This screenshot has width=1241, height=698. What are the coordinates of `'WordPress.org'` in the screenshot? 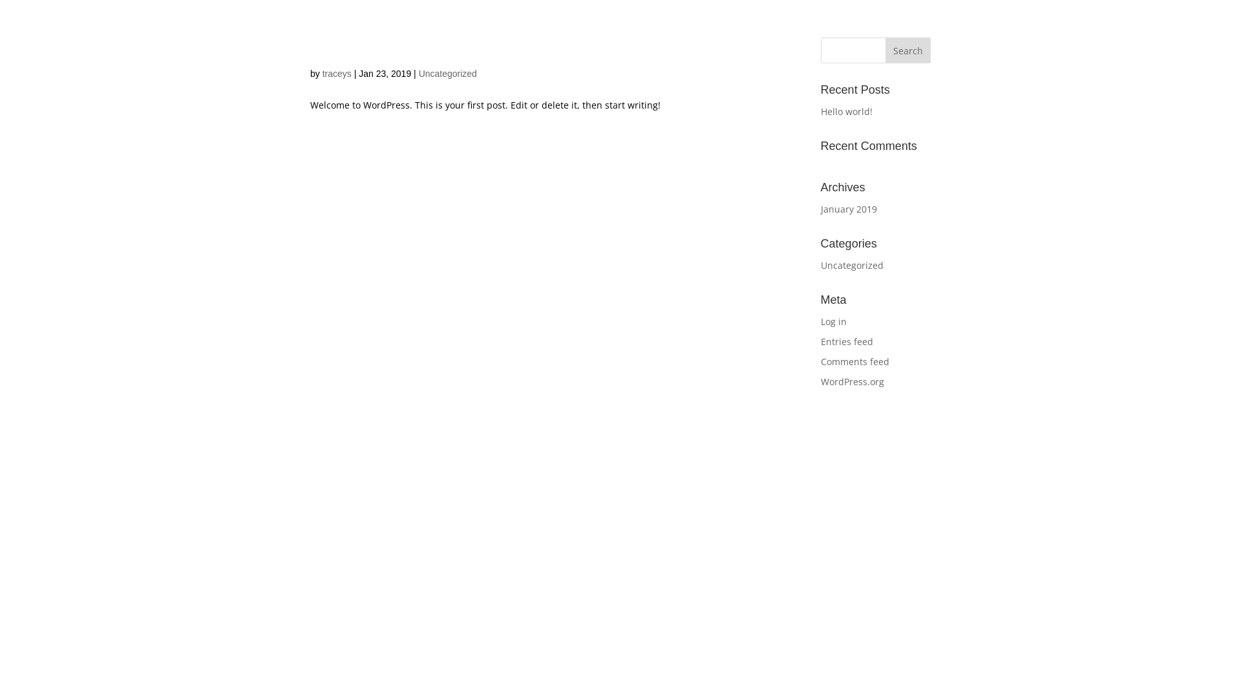 It's located at (853, 381).